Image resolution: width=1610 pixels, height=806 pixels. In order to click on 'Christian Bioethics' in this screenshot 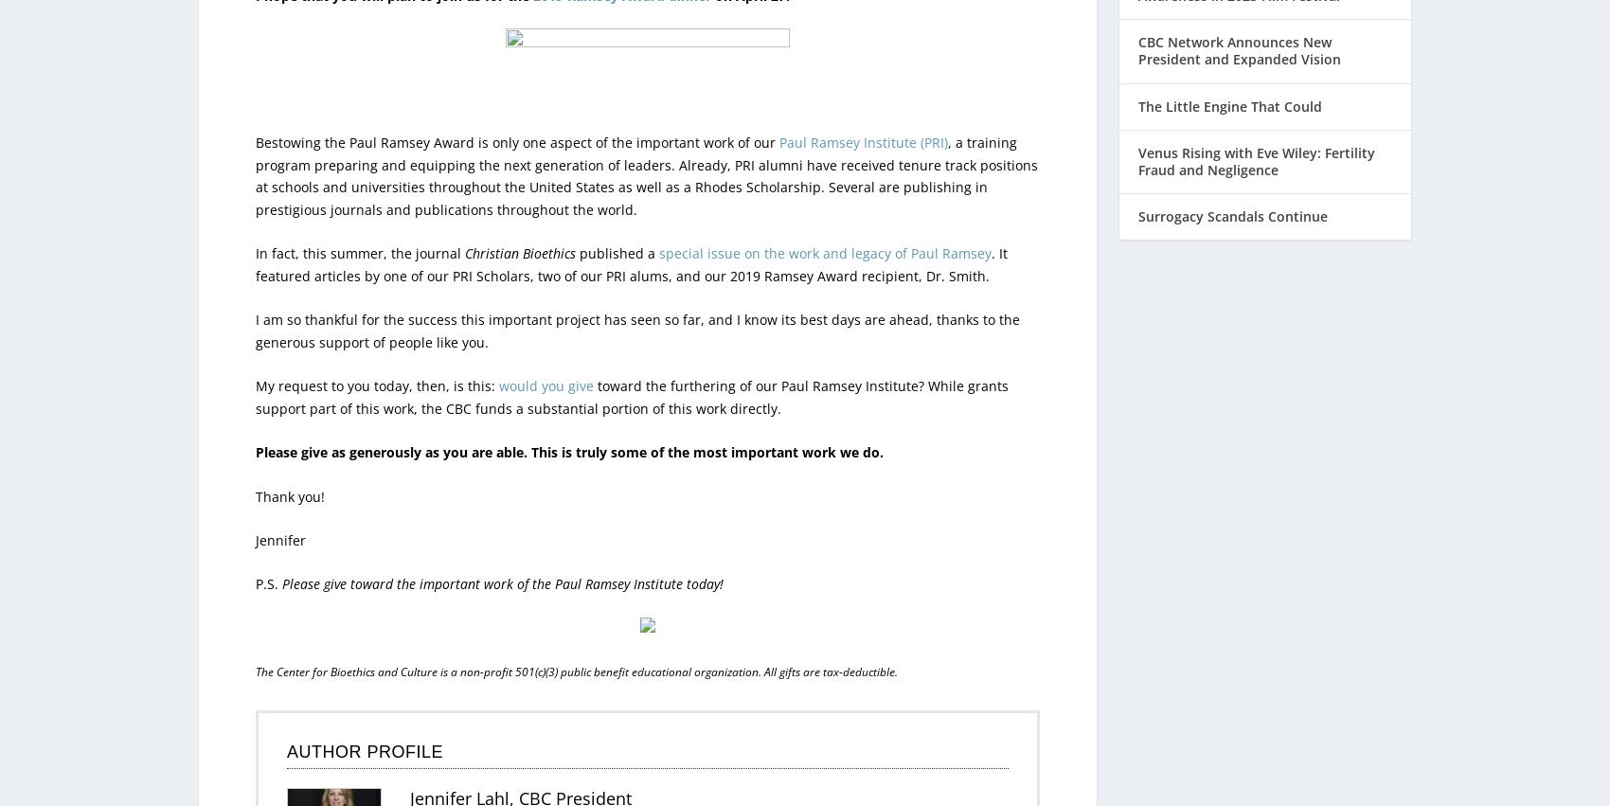, I will do `click(519, 213)`.